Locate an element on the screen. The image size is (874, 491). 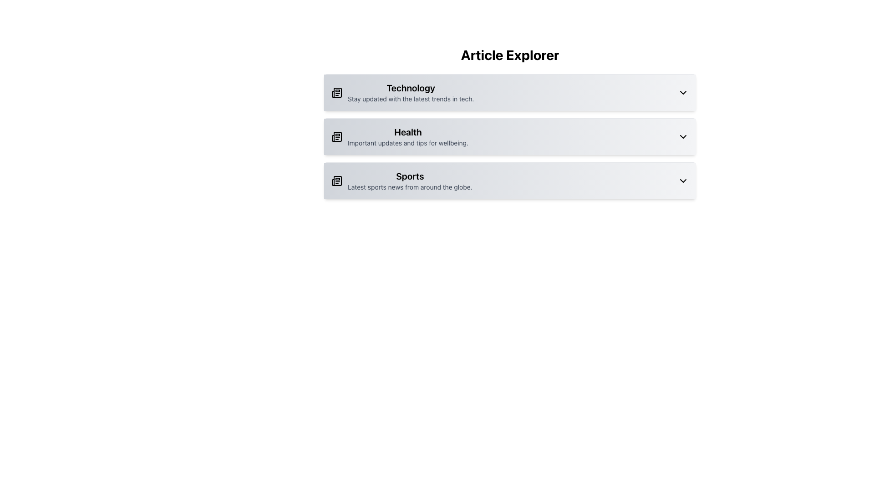
the 'Technology' category header, which includes an icon and a description, to navigate to its content is located at coordinates (402, 93).